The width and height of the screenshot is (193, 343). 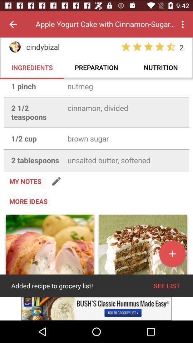 I want to click on the symbol beside 2, so click(x=170, y=46).